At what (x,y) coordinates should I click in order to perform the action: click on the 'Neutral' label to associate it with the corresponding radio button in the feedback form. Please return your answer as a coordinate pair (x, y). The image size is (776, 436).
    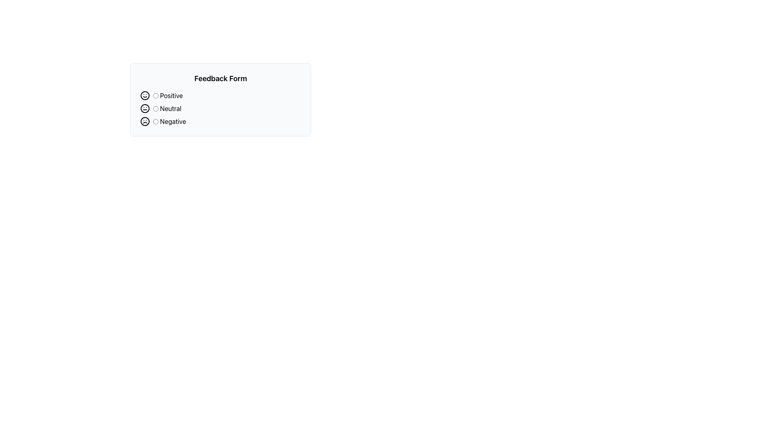
    Looking at the image, I should click on (170, 108).